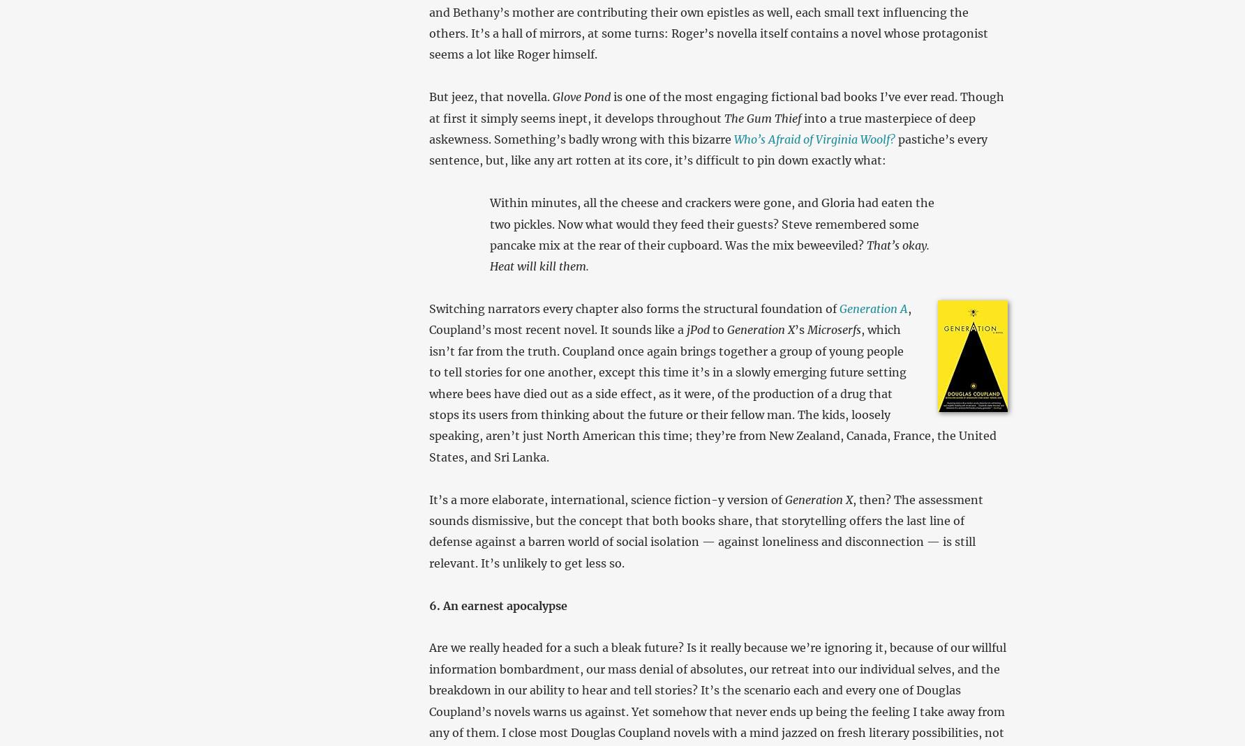 This screenshot has width=1245, height=746. I want to click on 'Glove Pond', so click(580, 96).